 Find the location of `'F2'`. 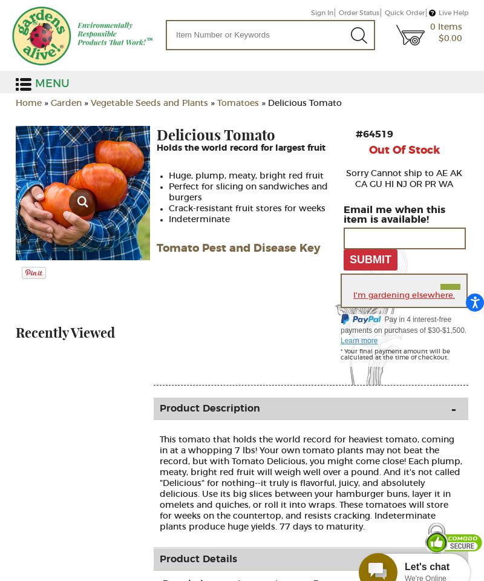

'F2' is located at coordinates (99, 154).